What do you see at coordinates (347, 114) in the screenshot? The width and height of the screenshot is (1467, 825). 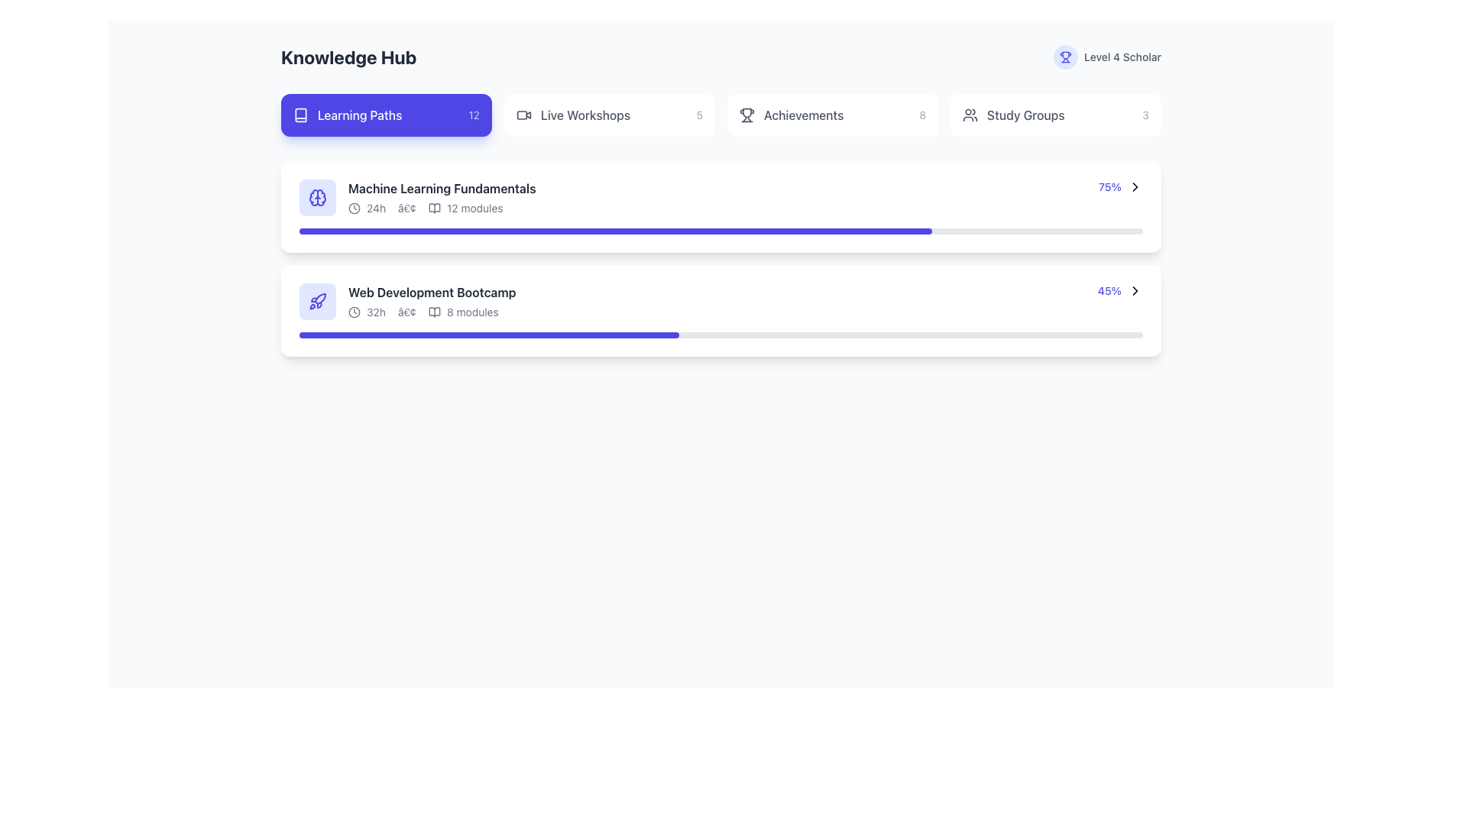 I see `the 'Learning Paths' grouped content block, which features a small white book icon and text on a rounded rectangular blue background, positioned in the upper left section of the interface` at bounding box center [347, 114].